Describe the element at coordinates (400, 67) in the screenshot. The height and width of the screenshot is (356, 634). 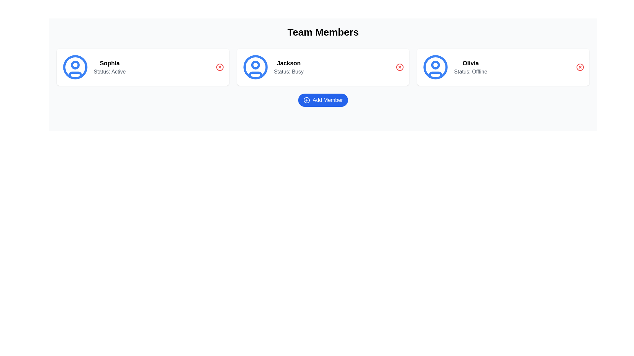
I see `the delete icon button located at the extreme right side of the user card displaying 'Jackson - Status: Busy'` at that location.